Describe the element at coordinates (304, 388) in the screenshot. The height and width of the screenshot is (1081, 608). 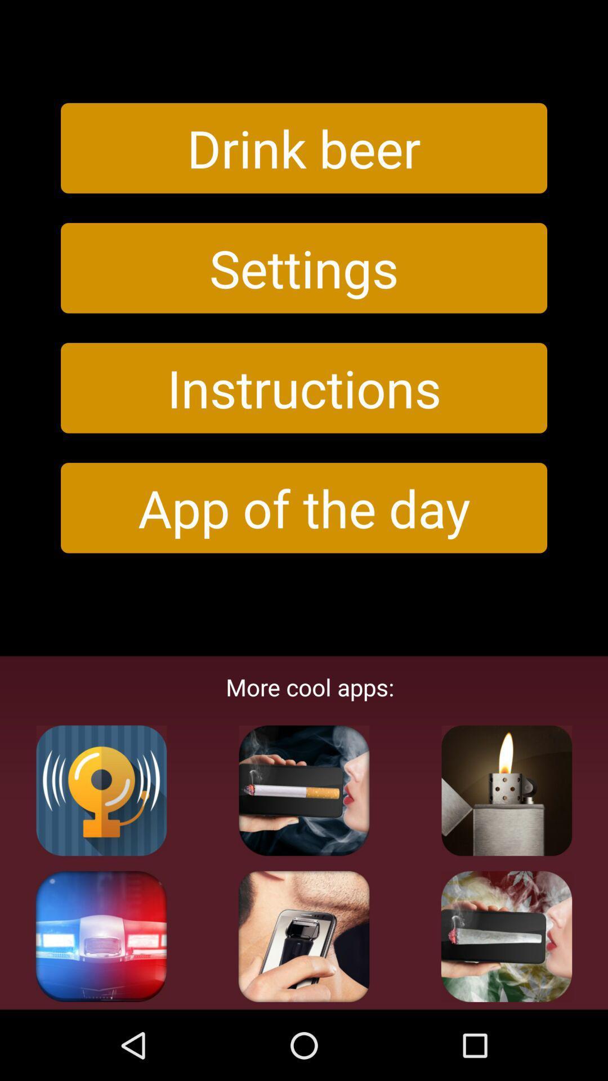
I see `the instructions item` at that location.